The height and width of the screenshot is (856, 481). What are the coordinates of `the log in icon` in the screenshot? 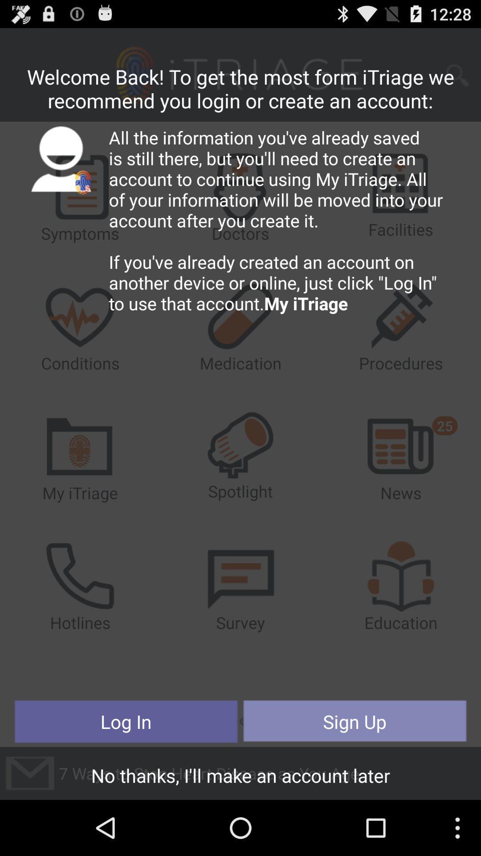 It's located at (126, 721).